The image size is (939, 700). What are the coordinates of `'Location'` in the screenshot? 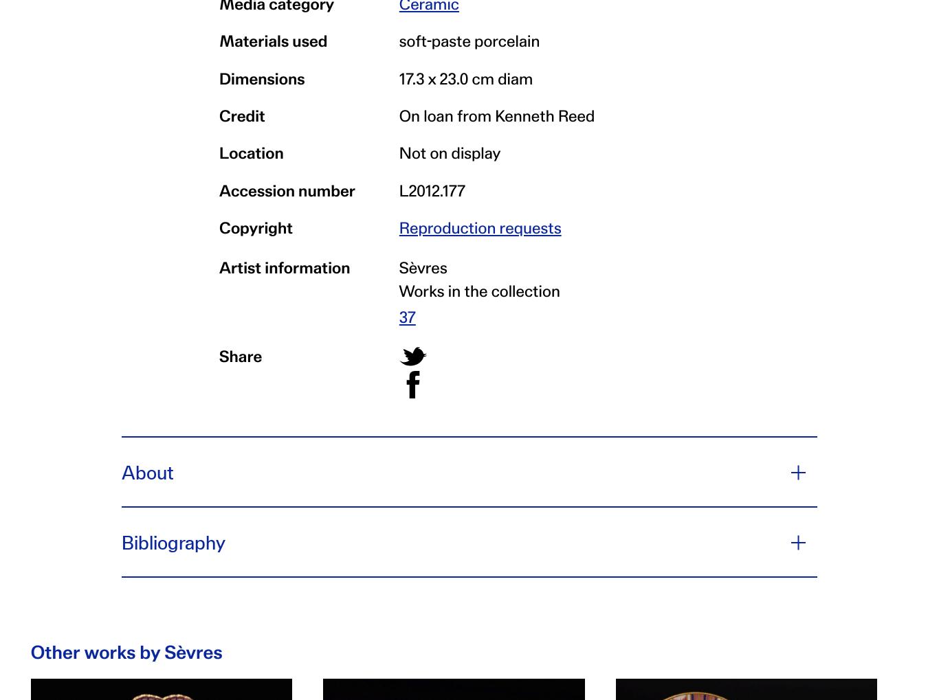 It's located at (250, 151).